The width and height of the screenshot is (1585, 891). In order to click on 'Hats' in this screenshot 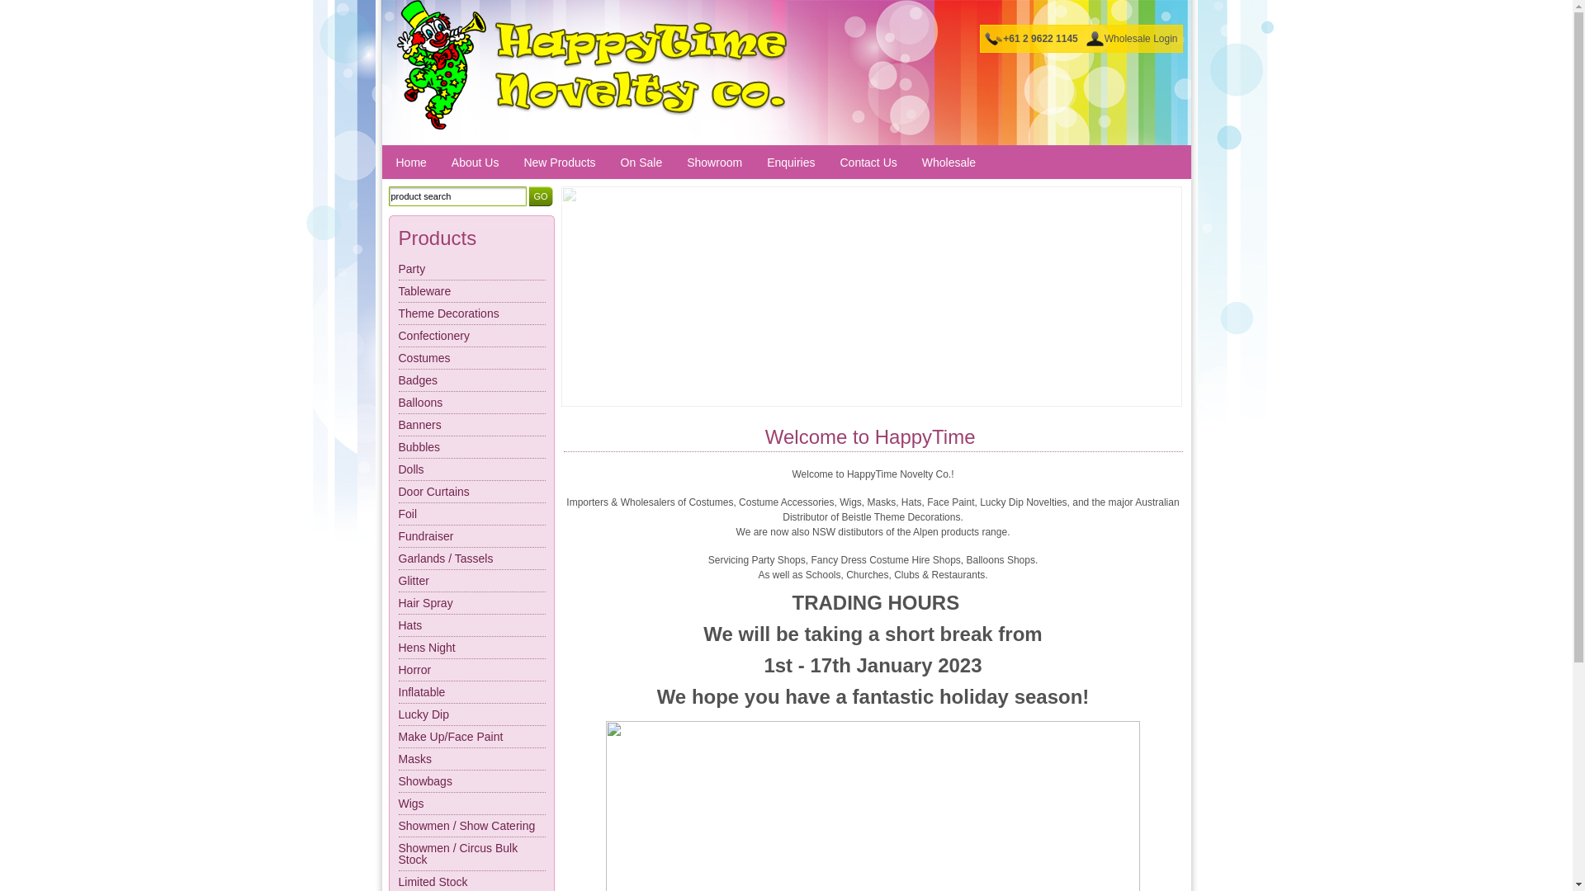, I will do `click(471, 625)`.